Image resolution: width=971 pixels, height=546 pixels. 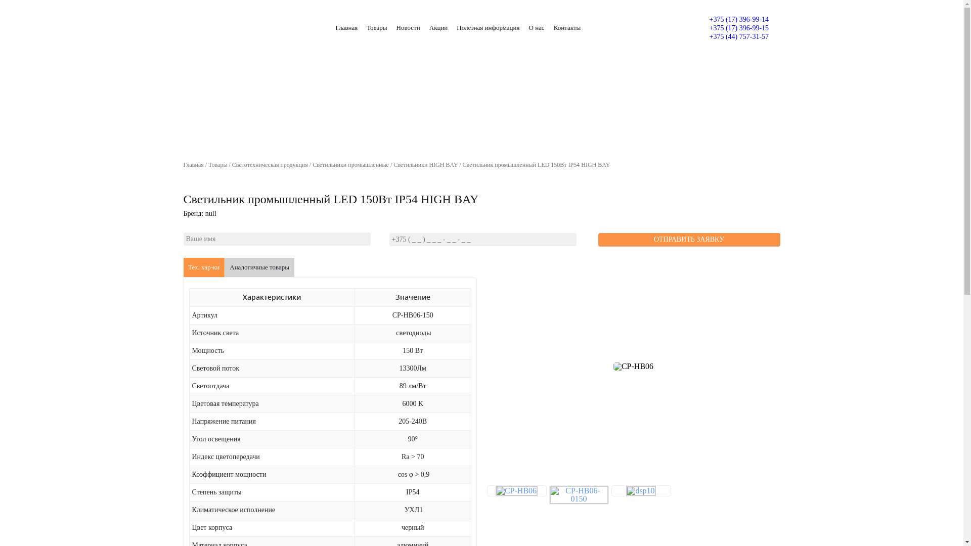 I want to click on '+375 (44) 757-31-57', so click(x=738, y=36).